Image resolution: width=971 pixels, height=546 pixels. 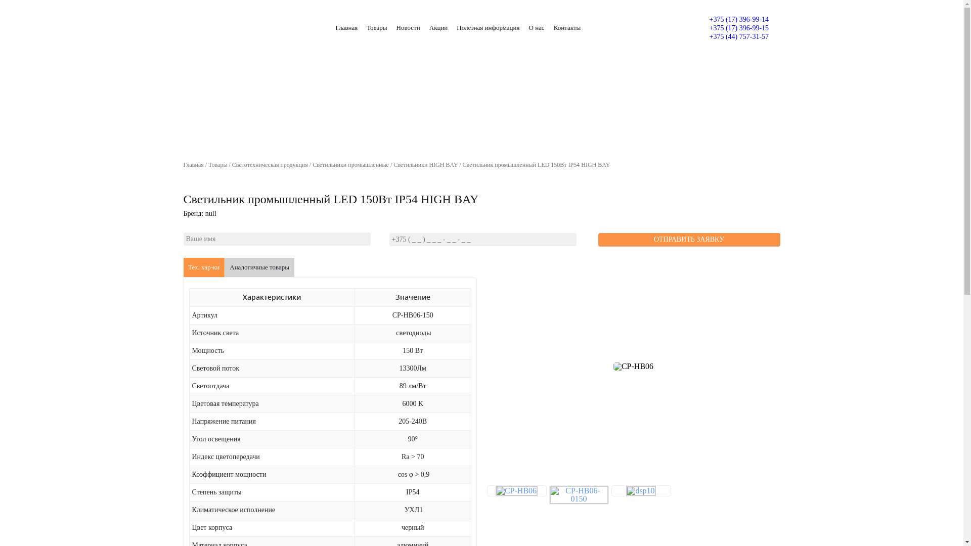 I want to click on '+375 (44) 757-31-57', so click(x=738, y=36).